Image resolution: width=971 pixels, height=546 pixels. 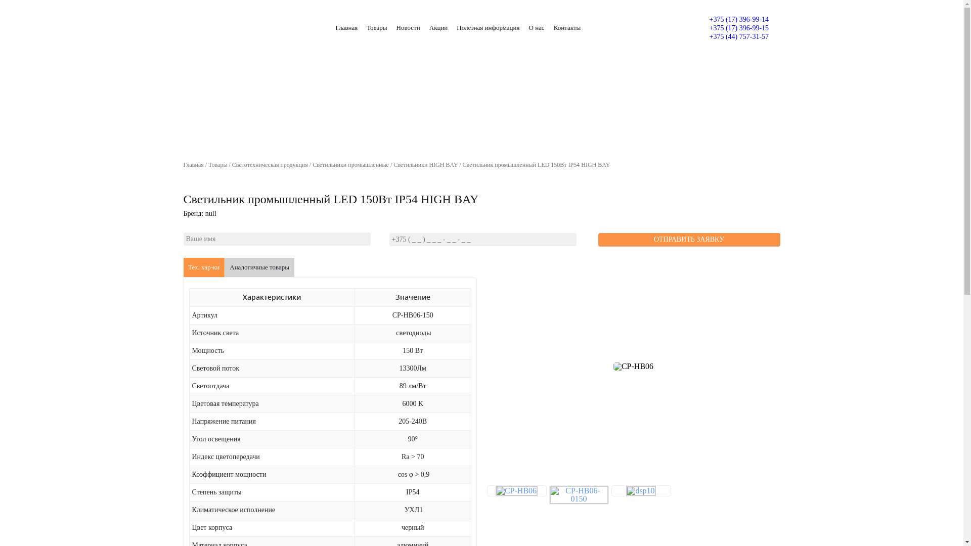 I want to click on '+375 (44) 757-31-57', so click(x=738, y=36).